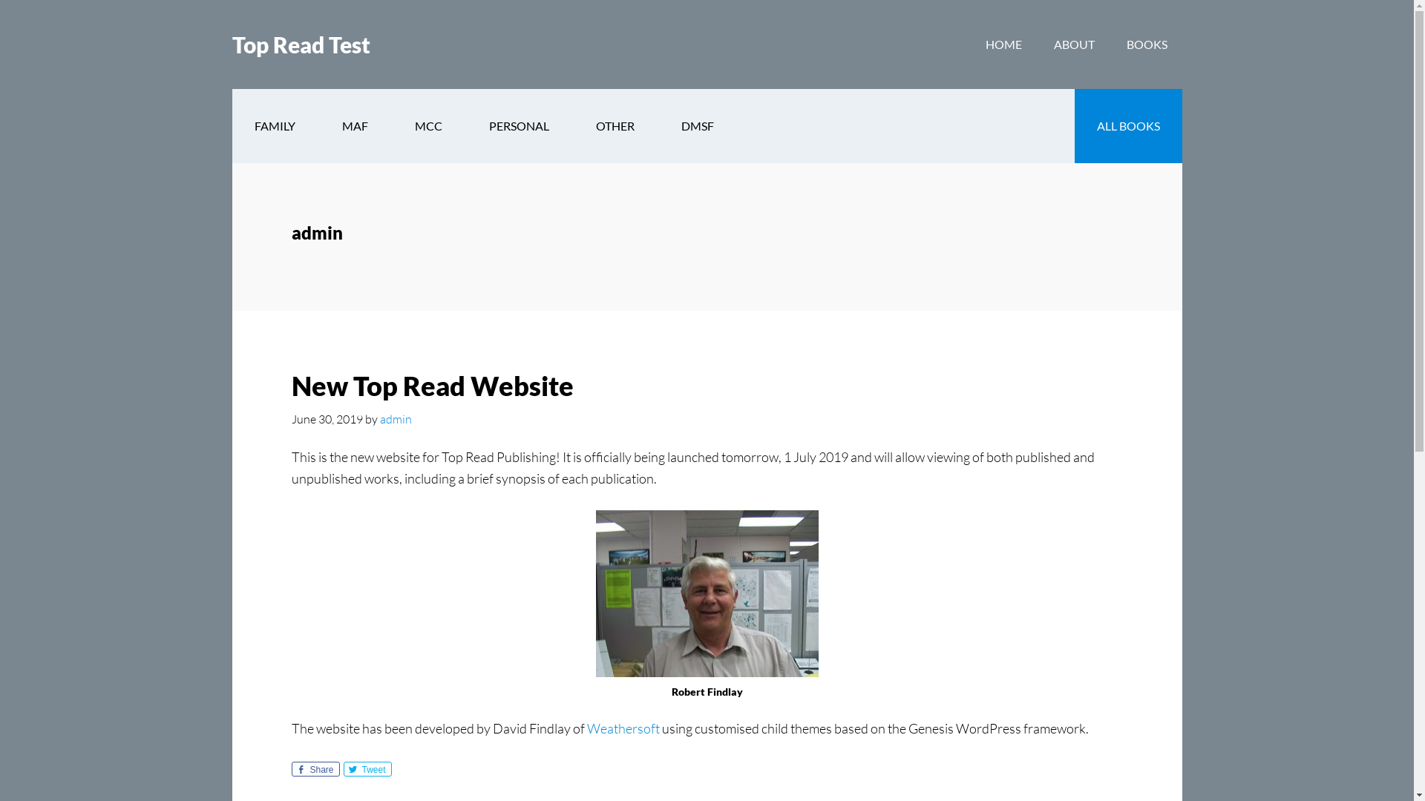 The height and width of the screenshot is (801, 1425). What do you see at coordinates (367, 768) in the screenshot?
I see `'Tweet'` at bounding box center [367, 768].